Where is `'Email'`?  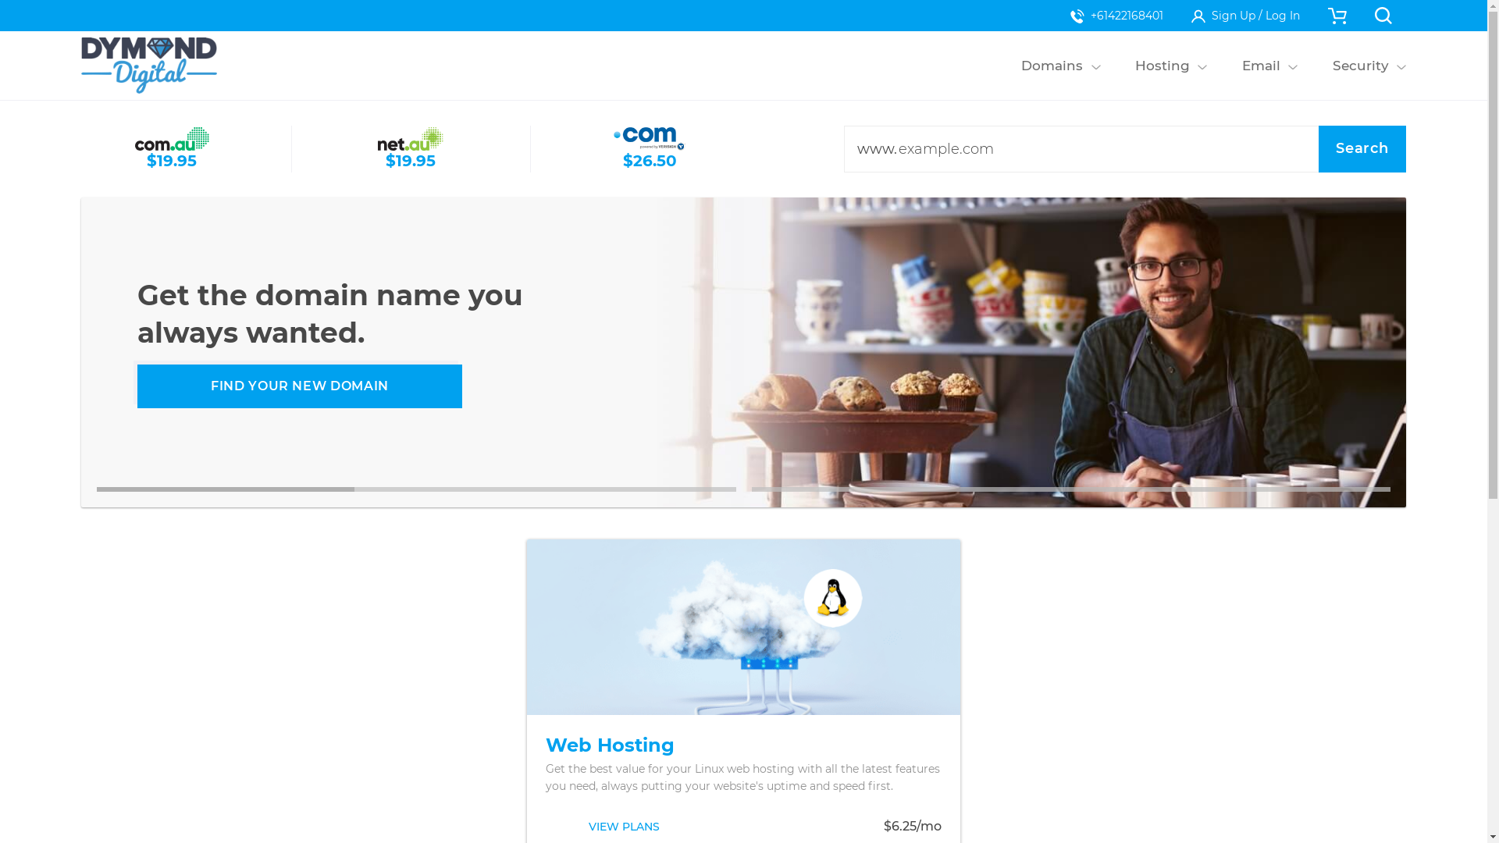
'Email' is located at coordinates (1260, 65).